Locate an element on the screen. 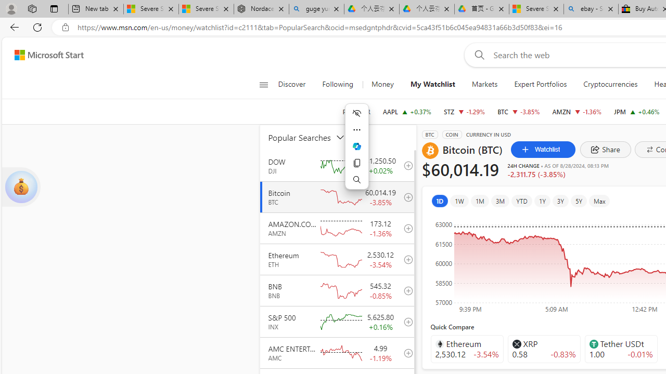 Image resolution: width=666 pixels, height=374 pixels. 'Mini menu on text selection' is located at coordinates (357, 152).